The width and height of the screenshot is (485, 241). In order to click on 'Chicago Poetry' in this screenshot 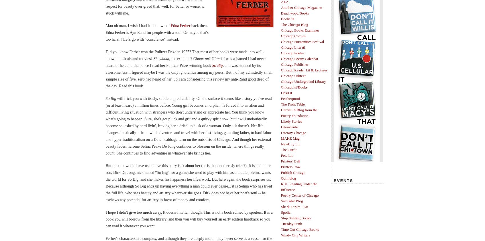, I will do `click(292, 53)`.